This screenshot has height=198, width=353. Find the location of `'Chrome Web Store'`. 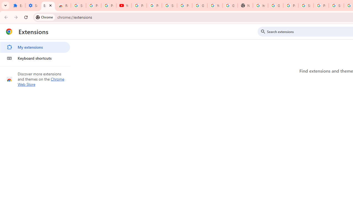

'Chrome Web Store' is located at coordinates (41, 82).